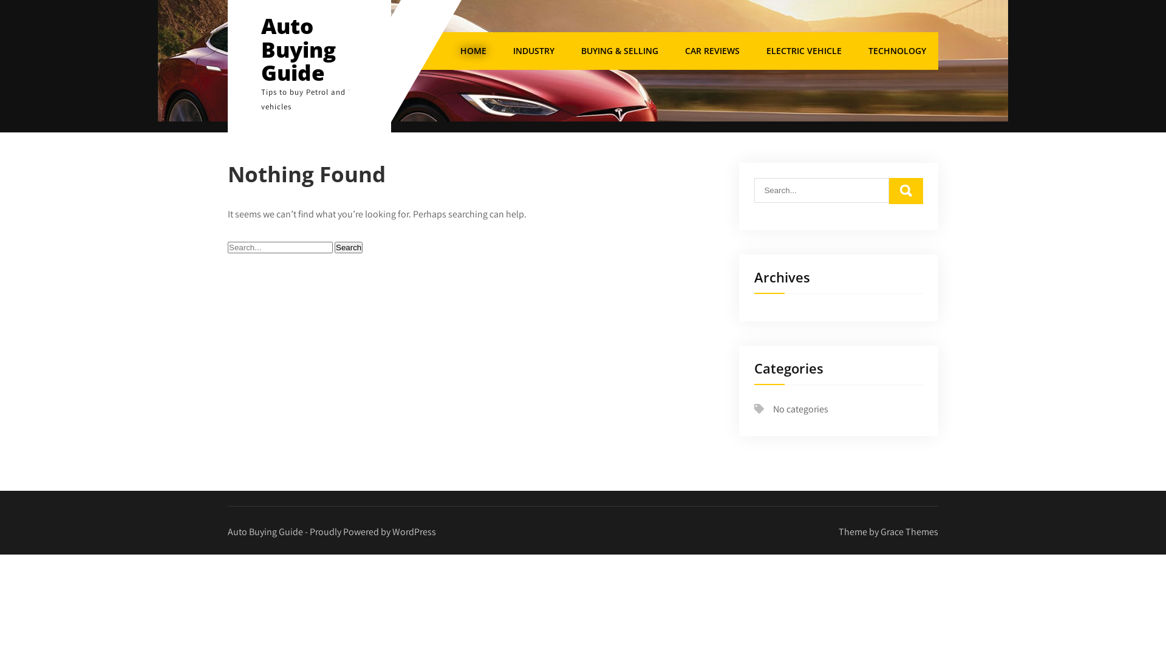  I want to click on 'BUYING & SELLING', so click(568, 50).